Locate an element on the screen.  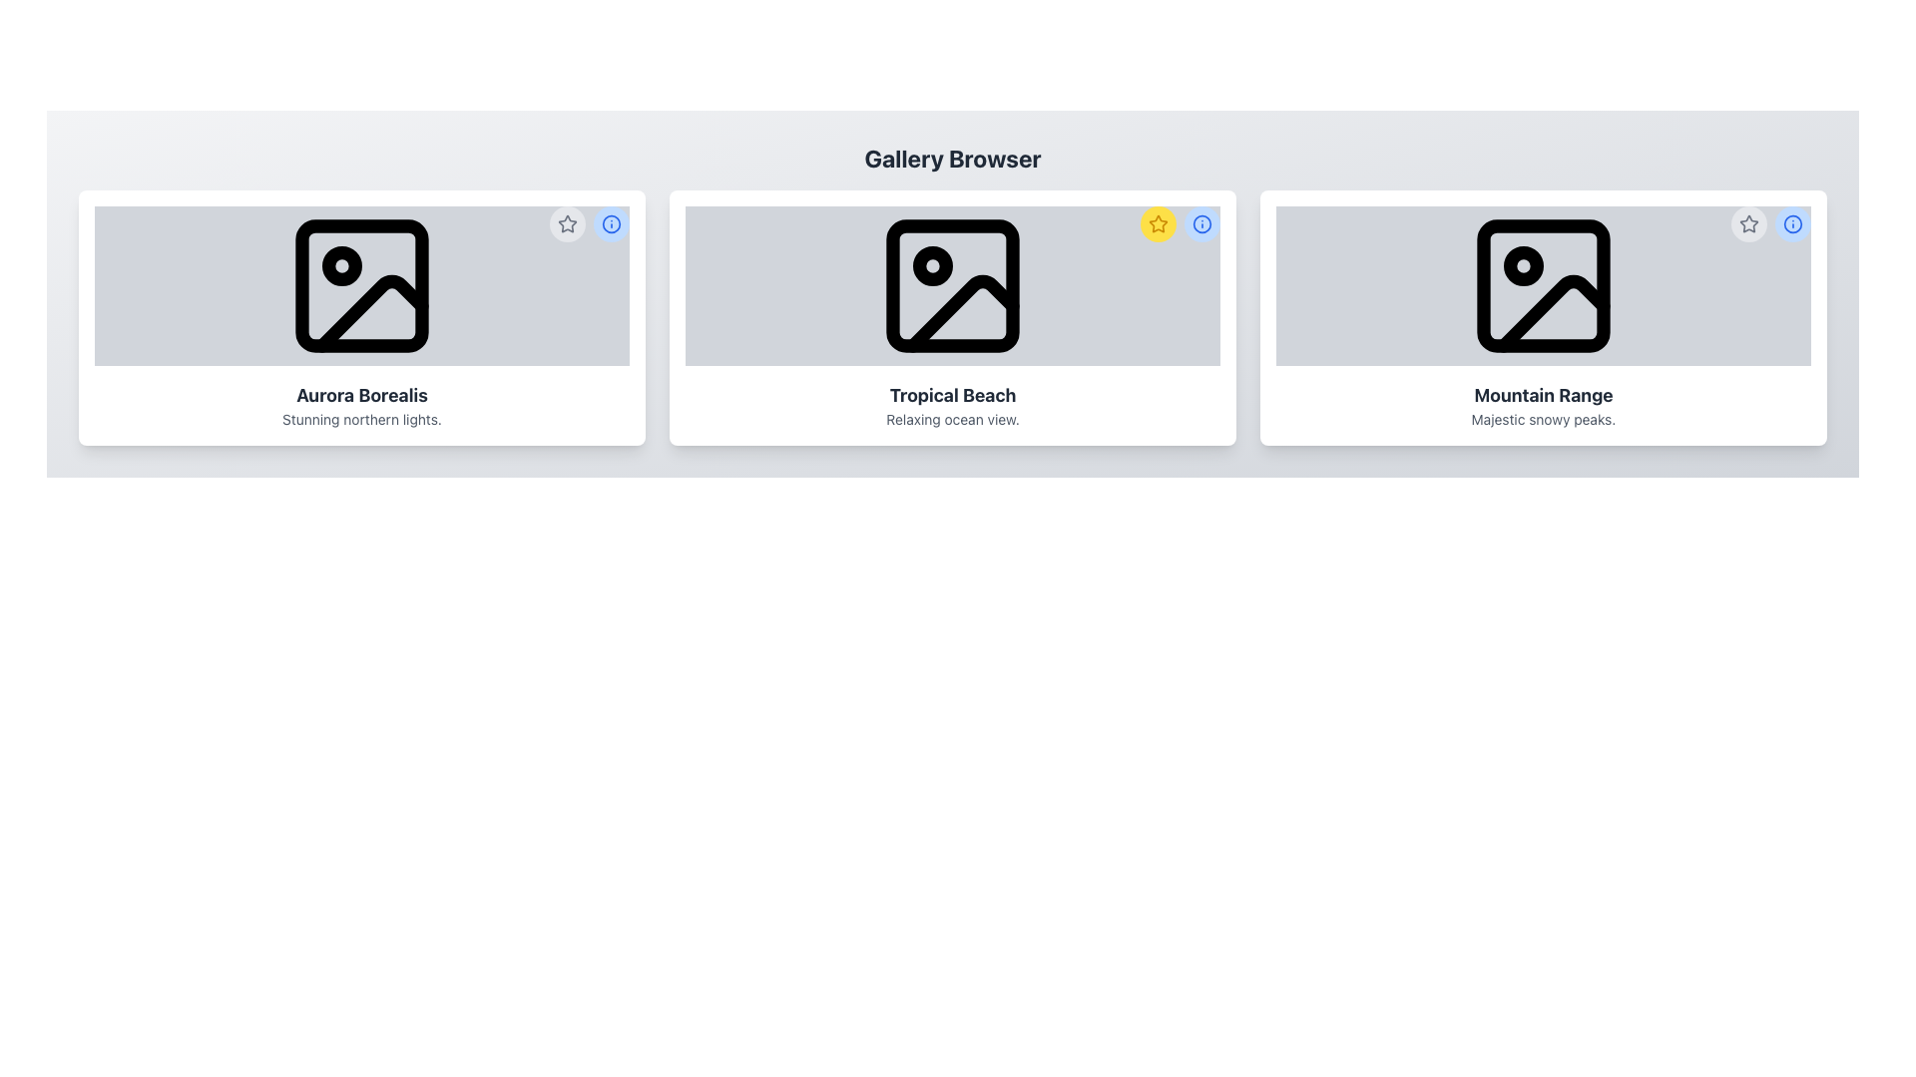
text from the text block titled 'Tropical Beach' which contains the description 'Relaxing ocean view.' located in the middle card of a set of three cards is located at coordinates (952, 405).